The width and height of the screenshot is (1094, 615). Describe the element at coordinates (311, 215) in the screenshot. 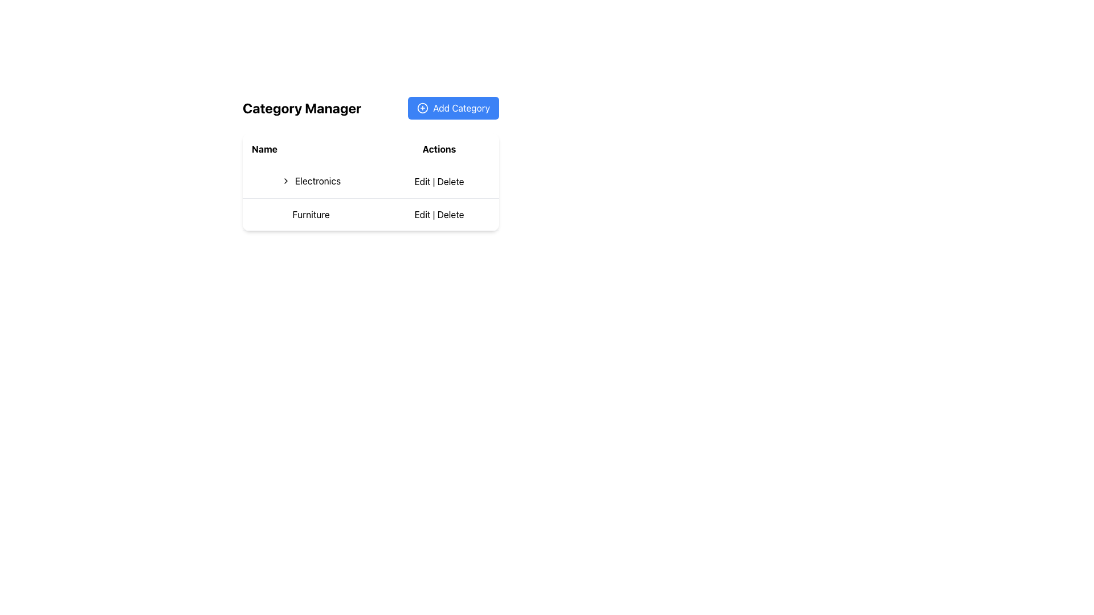

I see `the clickable text label displaying 'Furniture'` at that location.